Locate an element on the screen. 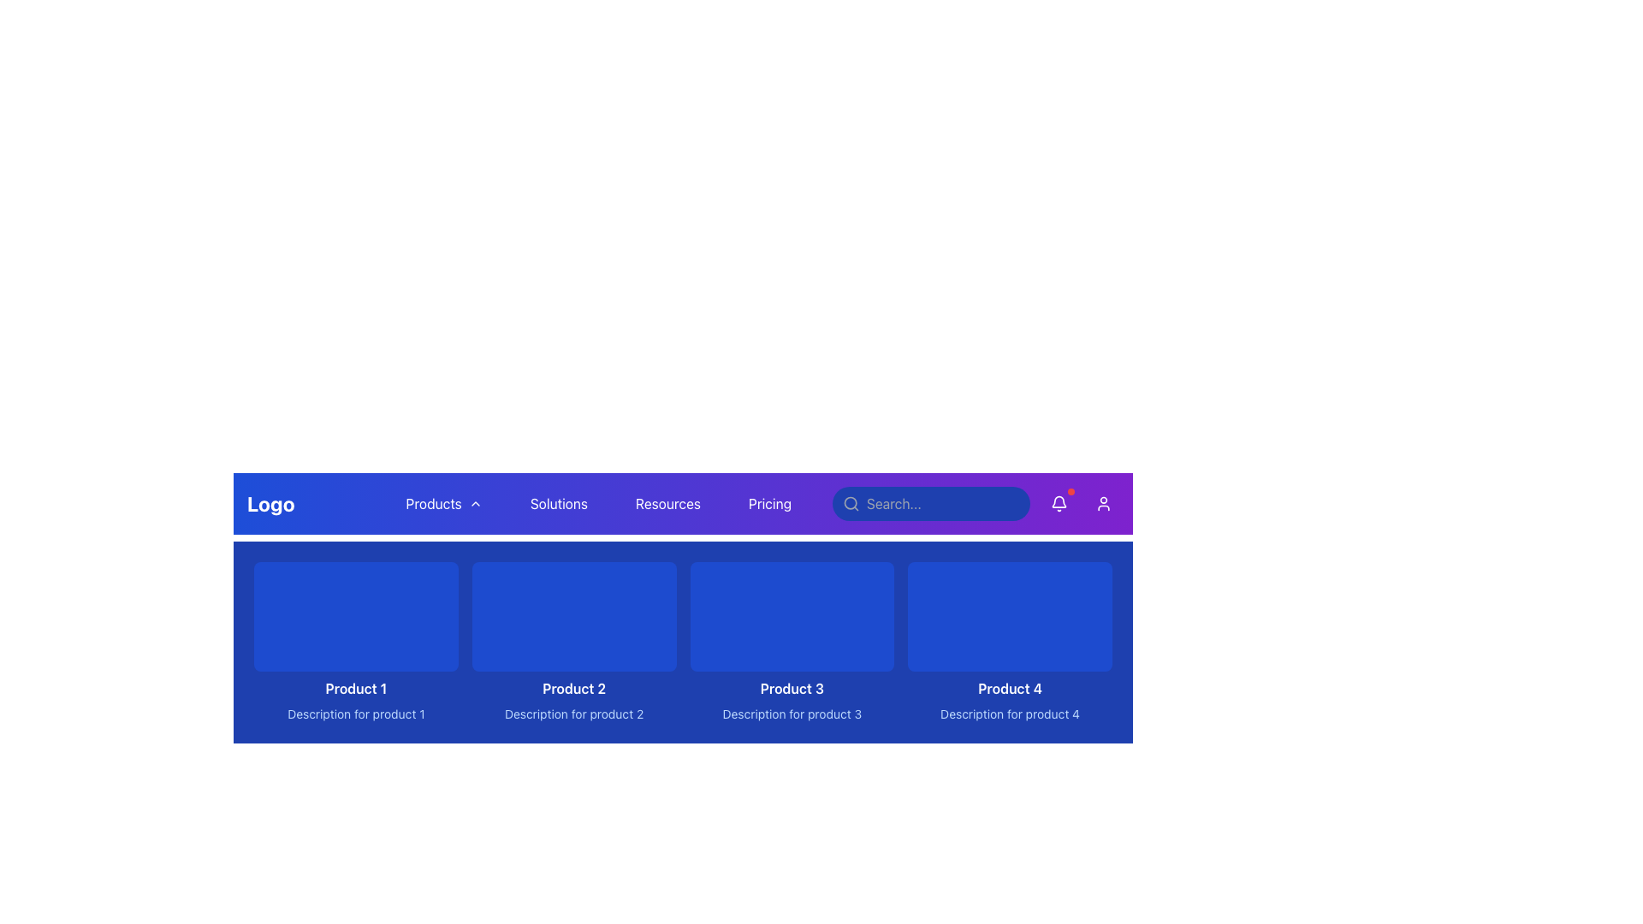 The height and width of the screenshot is (924, 1643). the product card component representing 'Product 3', which is the third card in a grid layout of four cards, positioned in the third column is located at coordinates (791, 643).